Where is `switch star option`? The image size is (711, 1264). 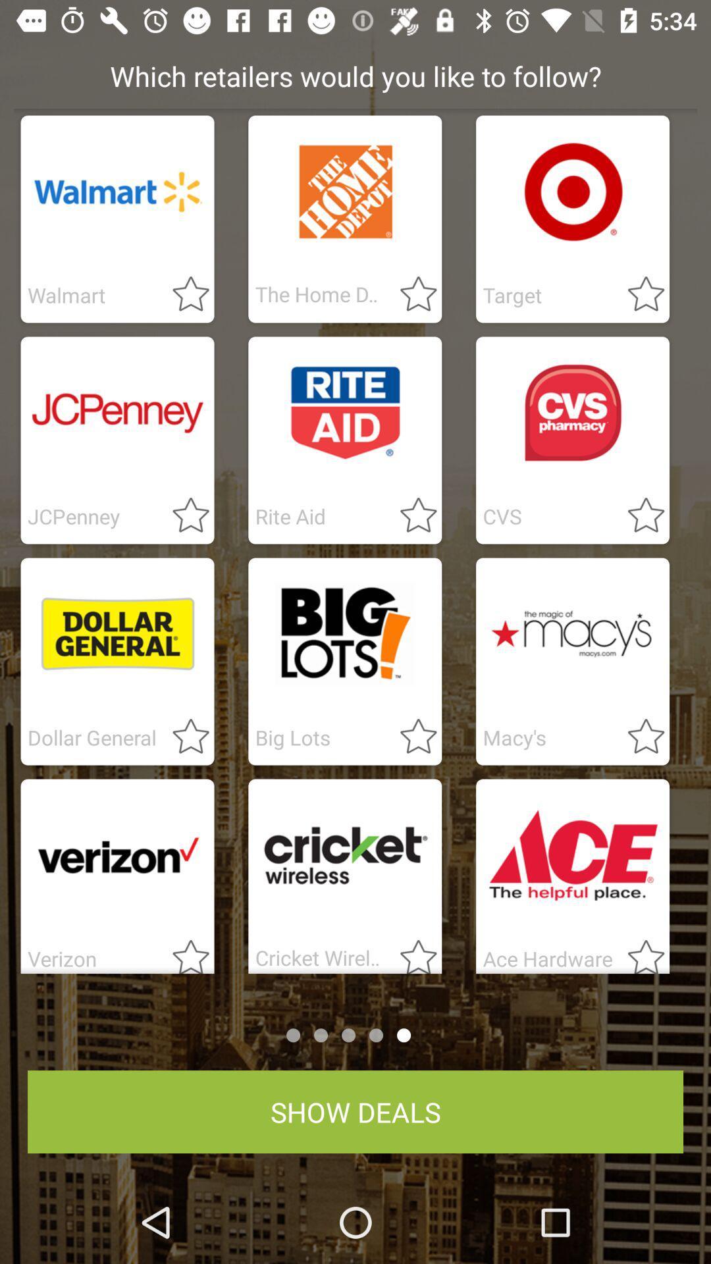
switch star option is located at coordinates (183, 737).